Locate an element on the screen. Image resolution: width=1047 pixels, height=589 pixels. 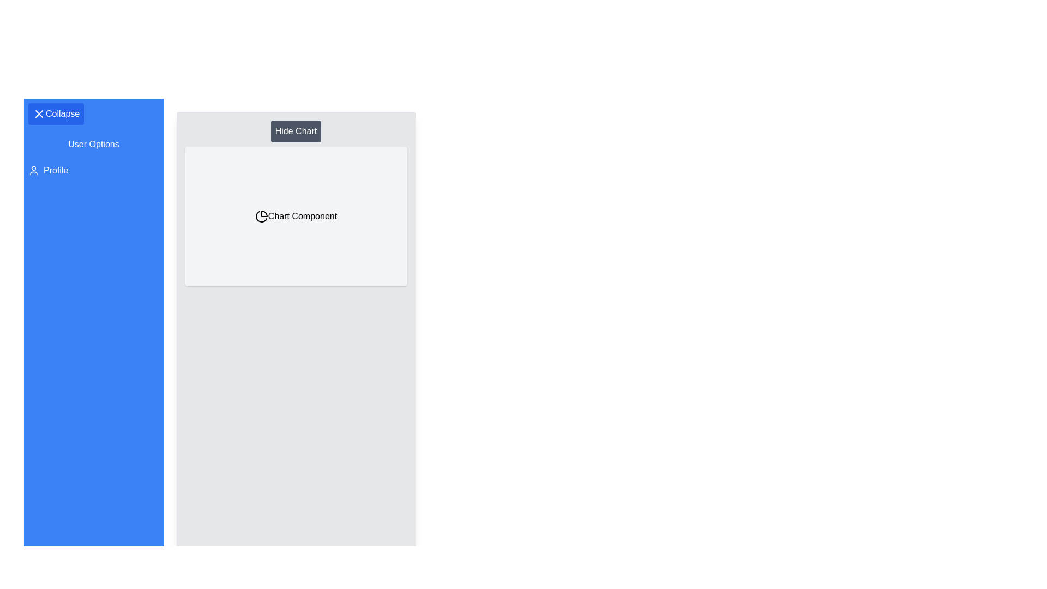
the Text Label that identifies user profile-related features, located below the 'User Options' title in the sidebar layout, next to a user avatar icon is located at coordinates (55, 170).